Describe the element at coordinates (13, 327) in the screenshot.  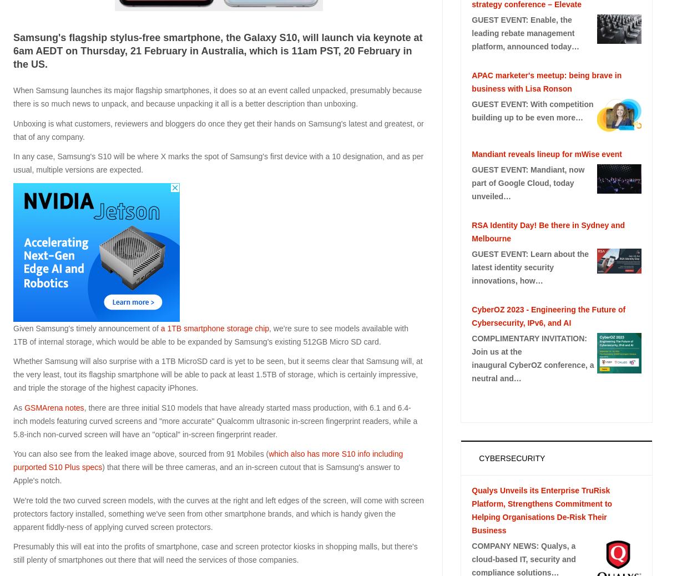
I see `'Given Samsung's timely announcement of'` at that location.